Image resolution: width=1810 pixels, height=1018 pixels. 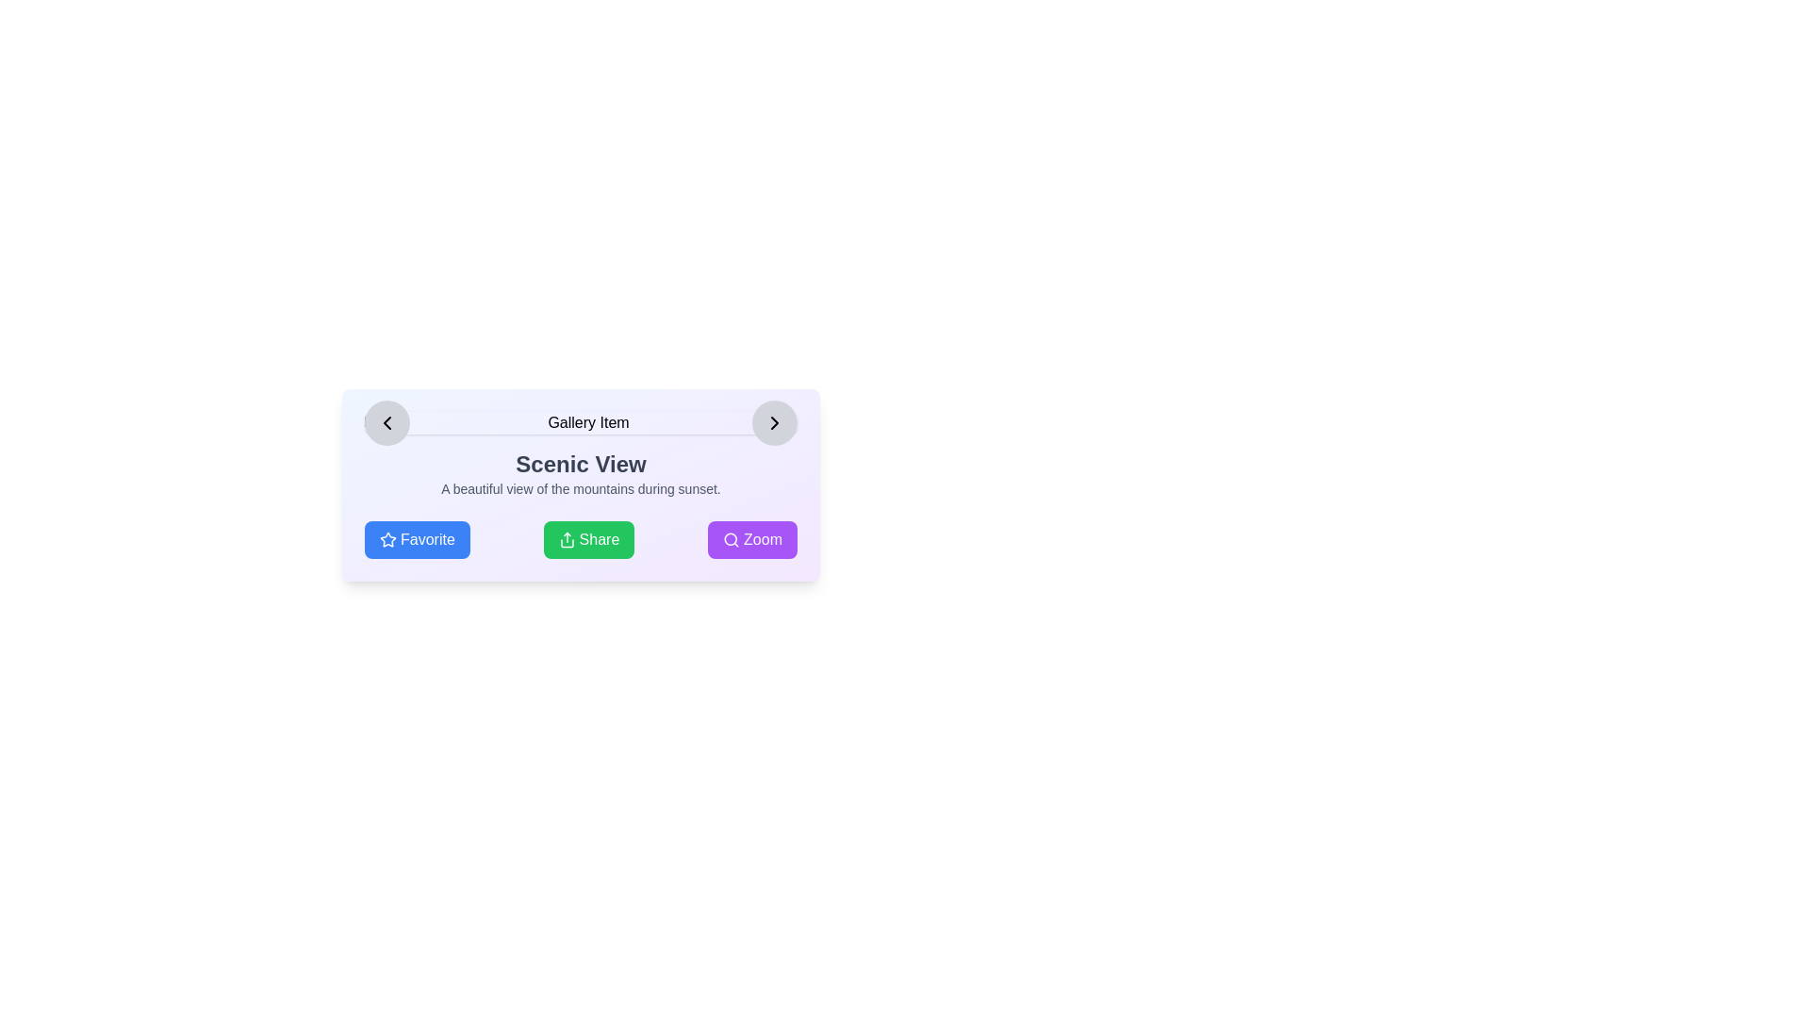 What do you see at coordinates (731, 540) in the screenshot?
I see `the purple 'Zoom' icon located on the leftmost side of the 'Zoom' button below the 'Scenic View' text` at bounding box center [731, 540].